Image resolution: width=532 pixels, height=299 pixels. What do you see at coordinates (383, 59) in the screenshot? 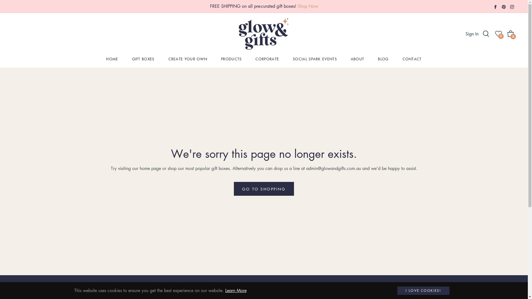
I see `'BLOG'` at bounding box center [383, 59].